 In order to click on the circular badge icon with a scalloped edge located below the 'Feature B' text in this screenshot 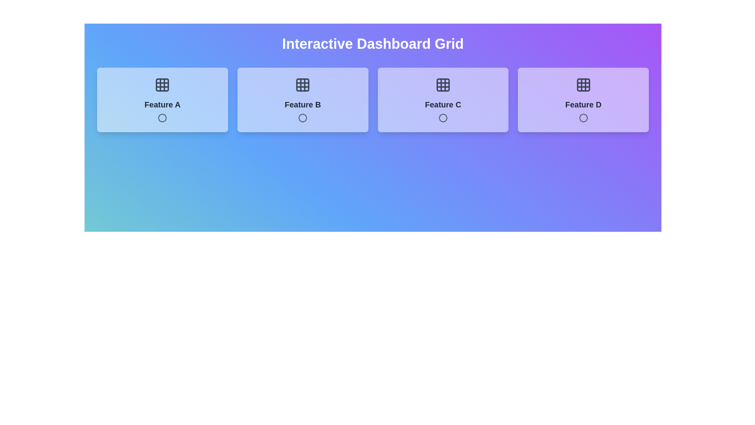, I will do `click(302, 118)`.